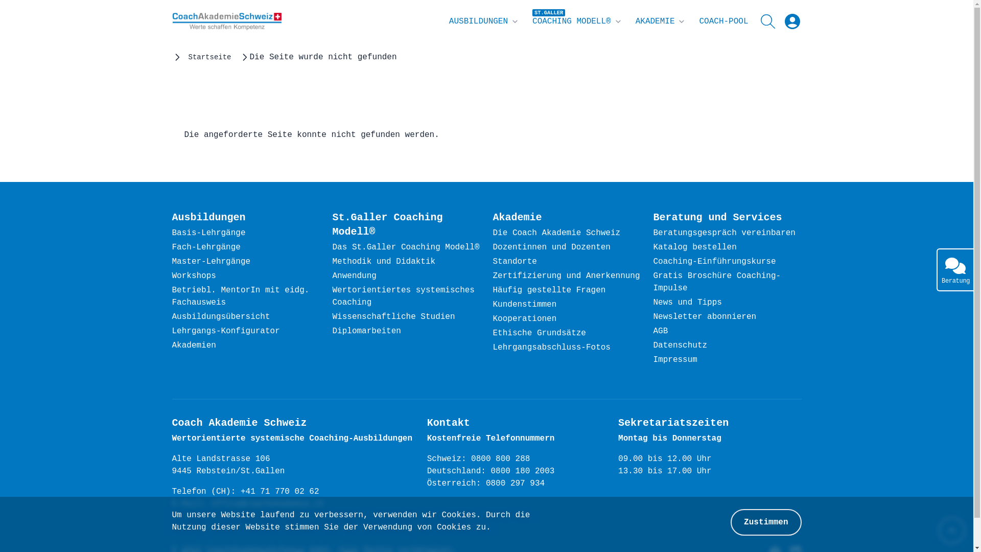  Describe the element at coordinates (493, 276) in the screenshot. I see `'Zertifizierung und Anerkennung'` at that location.